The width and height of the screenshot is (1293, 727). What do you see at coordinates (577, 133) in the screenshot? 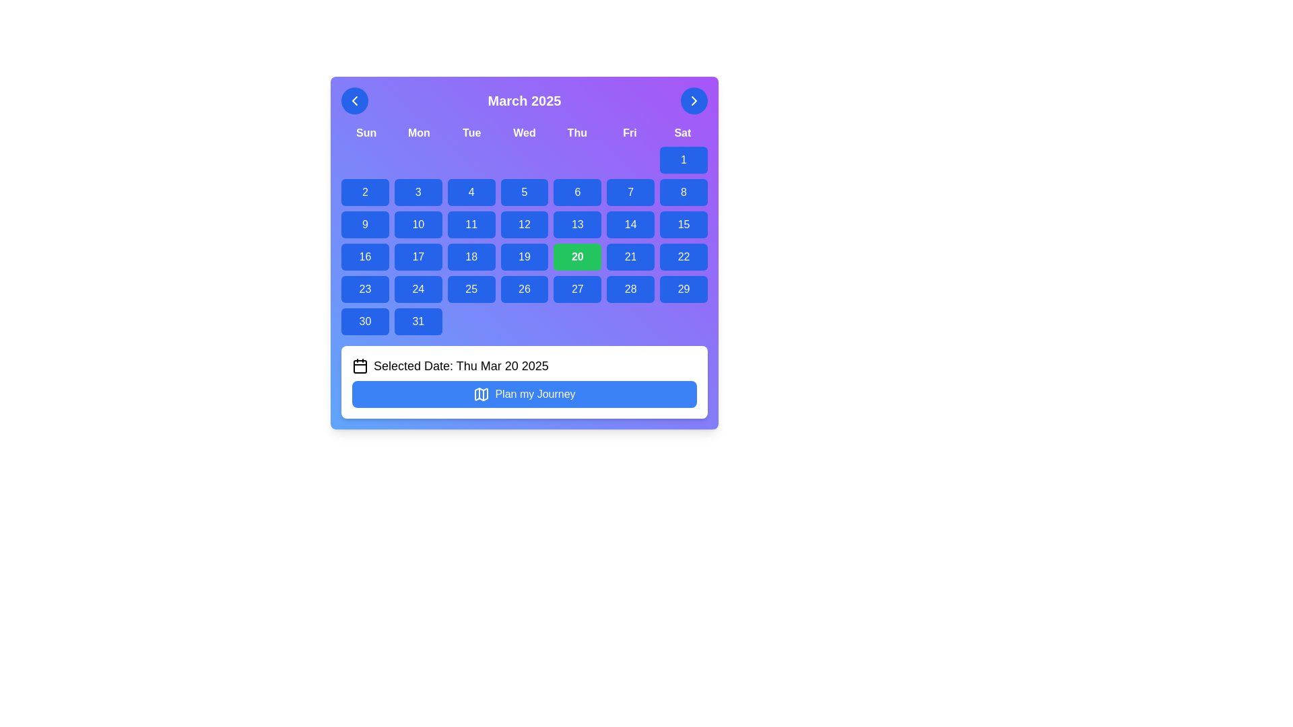
I see `contents of the text label indicating 'Thu', which is the fifth label from the left in the weekly header of the calendar layout` at bounding box center [577, 133].